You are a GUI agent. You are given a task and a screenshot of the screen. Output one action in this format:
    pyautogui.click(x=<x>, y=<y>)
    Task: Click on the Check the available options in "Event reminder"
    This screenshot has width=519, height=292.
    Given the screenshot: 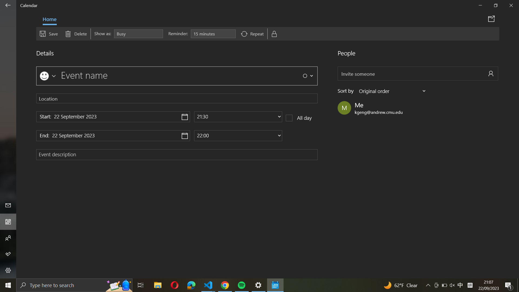 What is the action you would take?
    pyautogui.click(x=213, y=34)
    